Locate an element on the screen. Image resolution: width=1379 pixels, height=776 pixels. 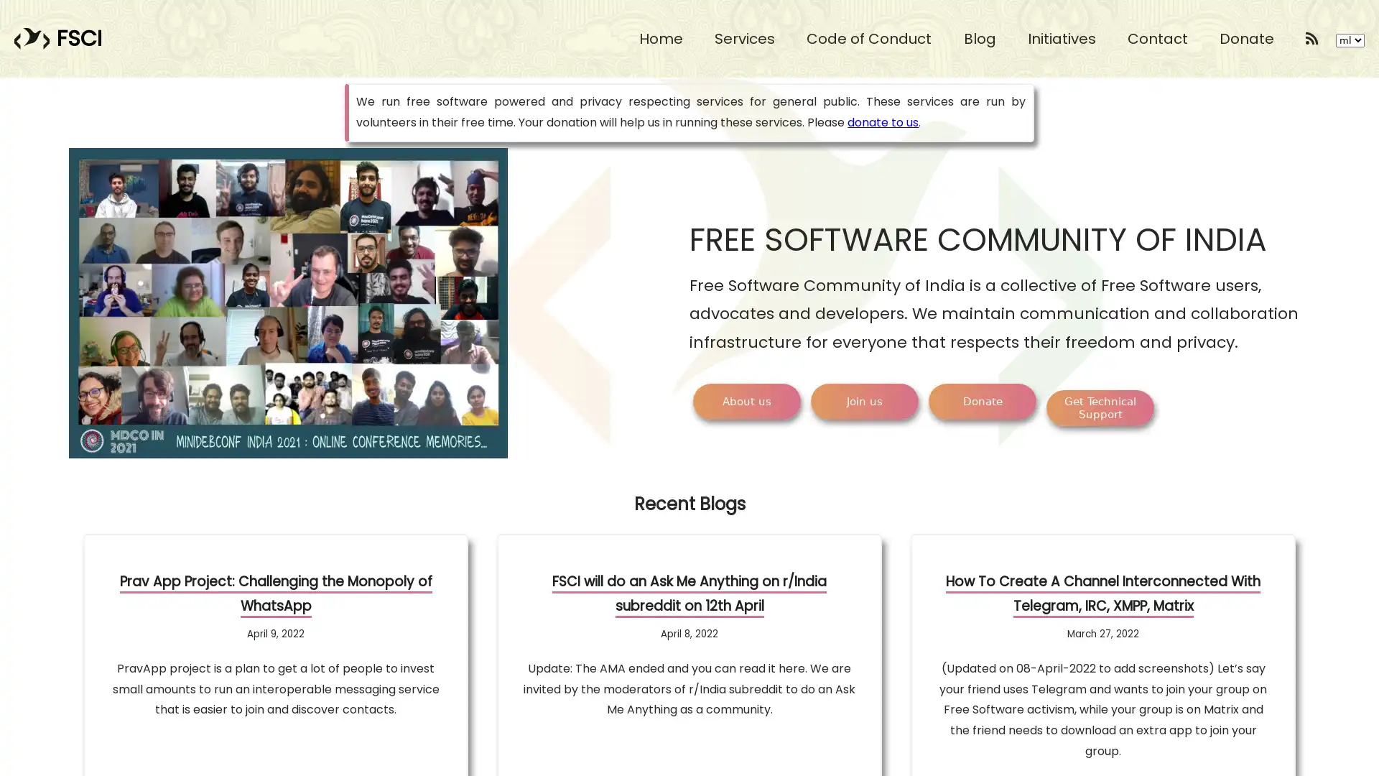
About us is located at coordinates (747, 401).